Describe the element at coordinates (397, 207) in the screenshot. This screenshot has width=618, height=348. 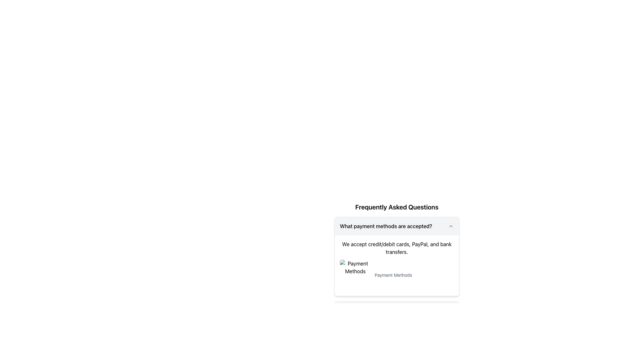
I see `the Text heading element at the top center of the FAQ section` at that location.